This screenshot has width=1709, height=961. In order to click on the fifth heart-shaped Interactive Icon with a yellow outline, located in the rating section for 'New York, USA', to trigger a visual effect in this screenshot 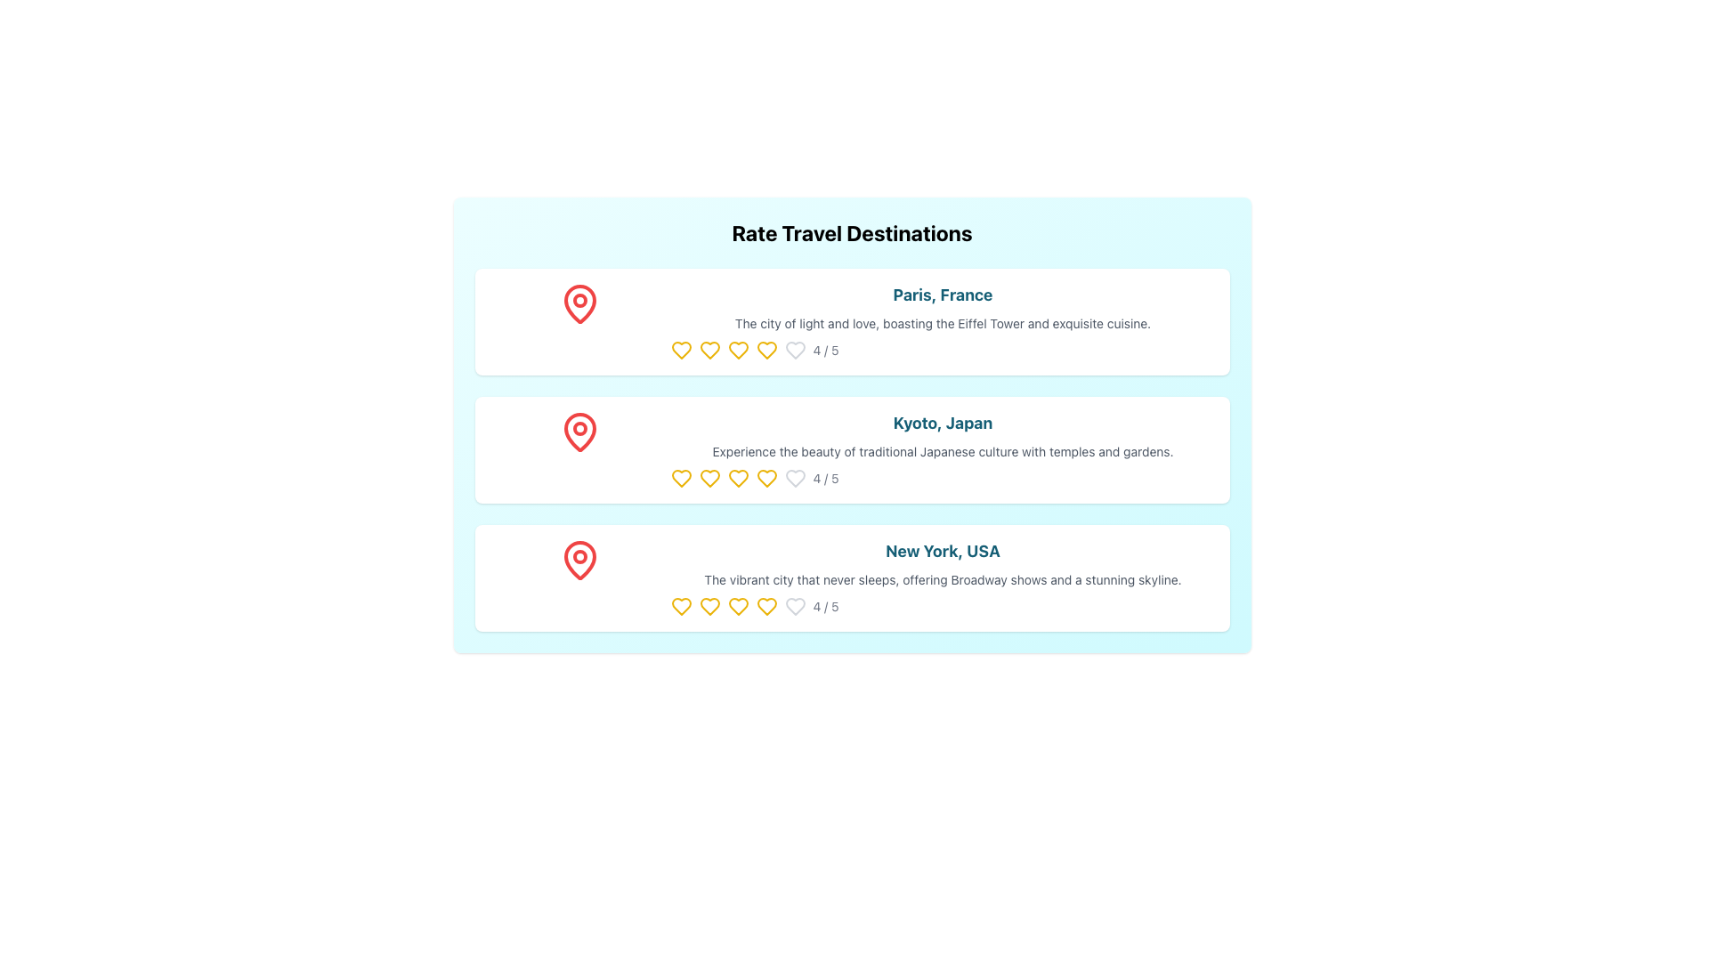, I will do `click(738, 606)`.